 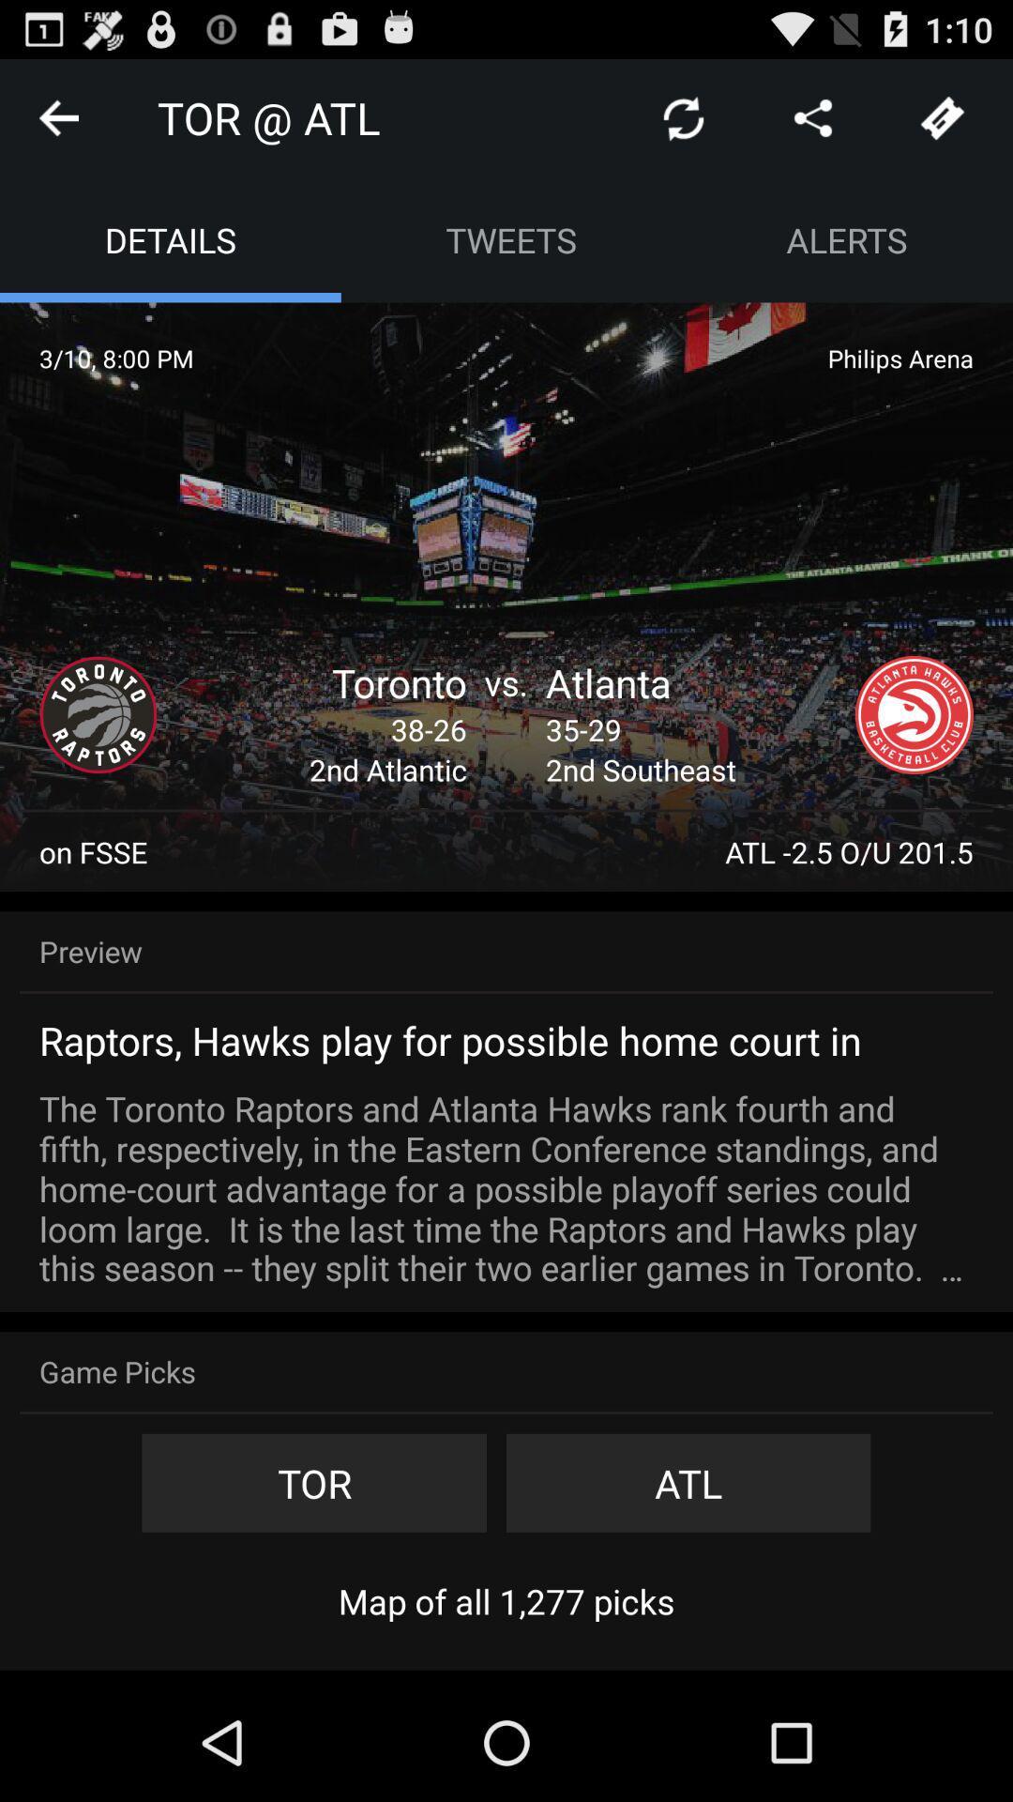 I want to click on the item below tor icon, so click(x=506, y=1600).